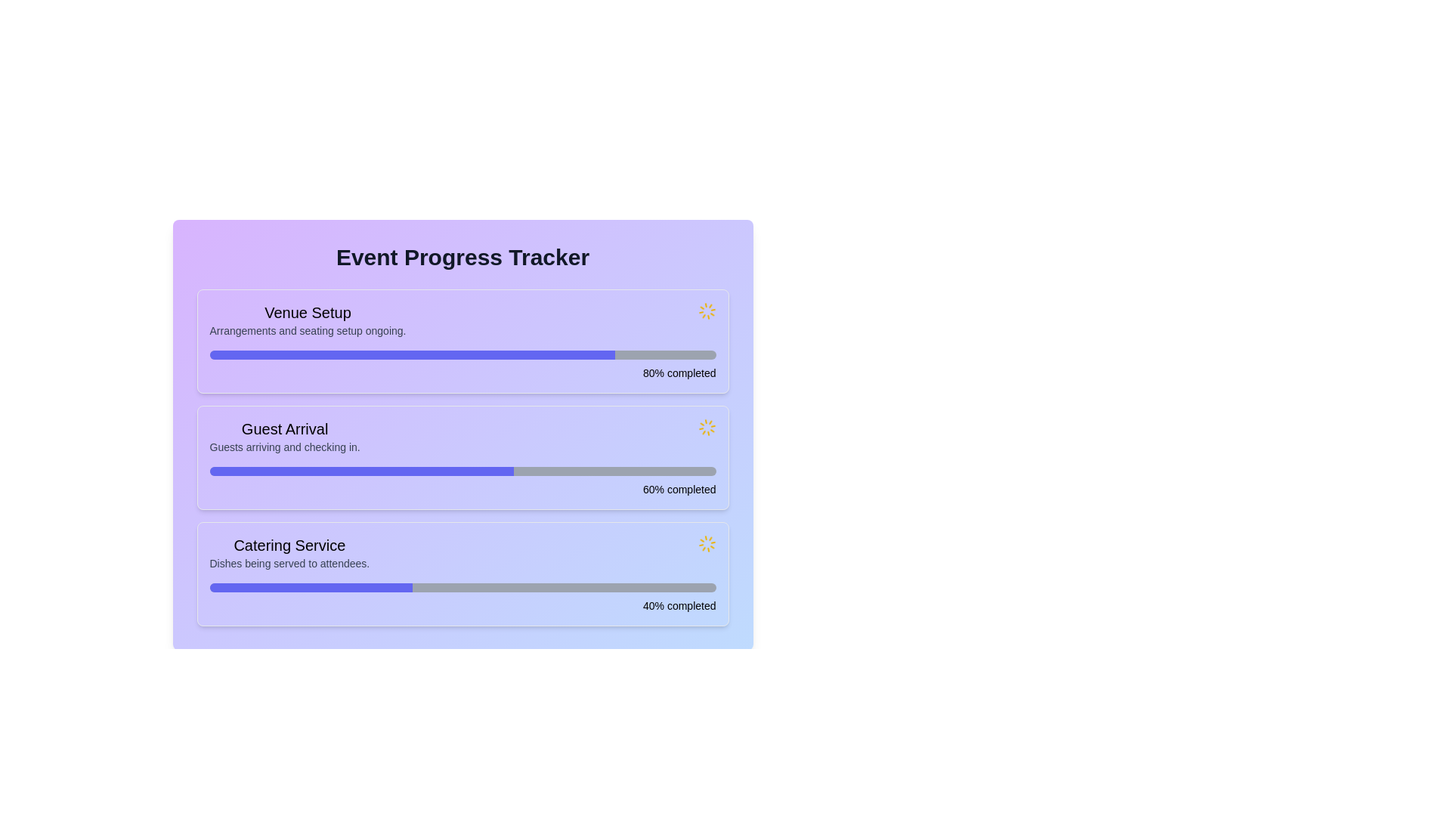  Describe the element at coordinates (462, 471) in the screenshot. I see `the progress bar located in the 'Guest Arrival' section of the 'Event Progress Tracker', which indicates that the task is 60% completed` at that location.